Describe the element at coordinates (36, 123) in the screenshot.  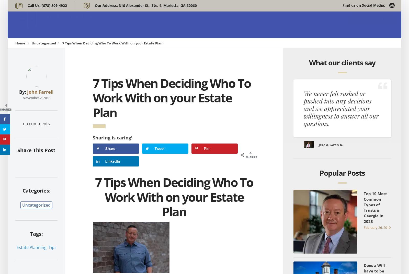
I see `'no comments'` at that location.